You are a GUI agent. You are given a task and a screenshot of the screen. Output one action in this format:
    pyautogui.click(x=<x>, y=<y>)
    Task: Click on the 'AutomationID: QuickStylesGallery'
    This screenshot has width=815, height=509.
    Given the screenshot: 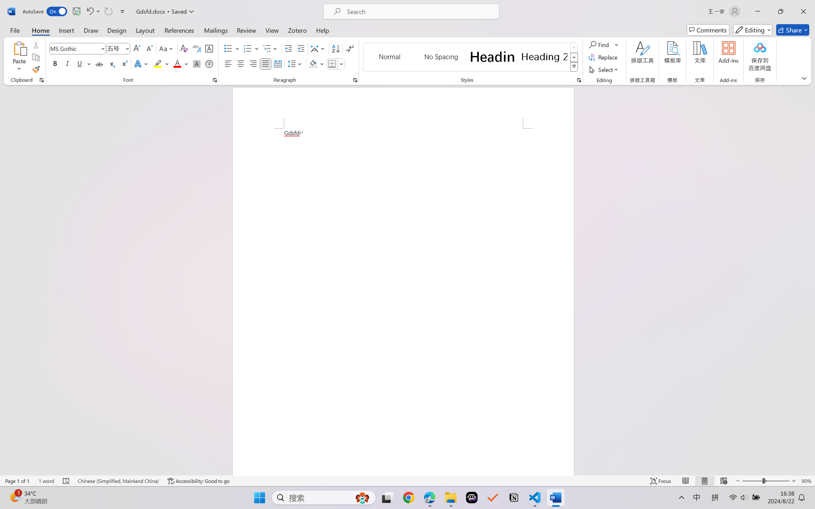 What is the action you would take?
    pyautogui.click(x=470, y=57)
    